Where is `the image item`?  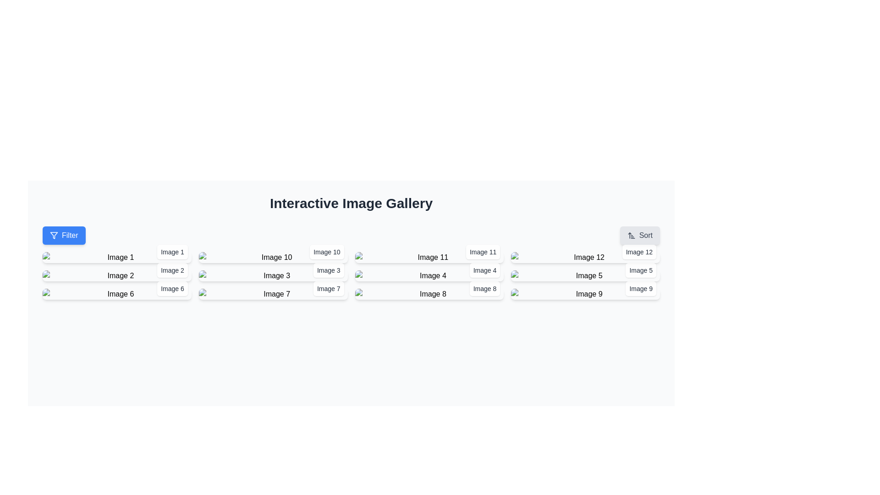 the image item is located at coordinates (429, 294).